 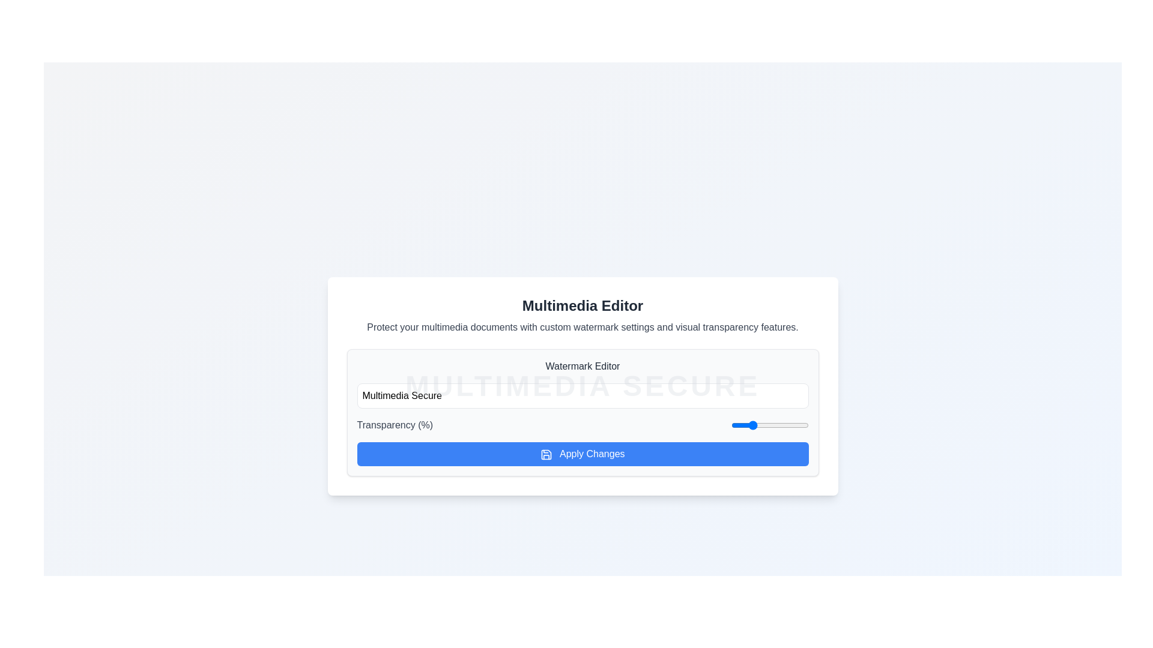 What do you see at coordinates (804, 425) in the screenshot?
I see `the transparency slider` at bounding box center [804, 425].